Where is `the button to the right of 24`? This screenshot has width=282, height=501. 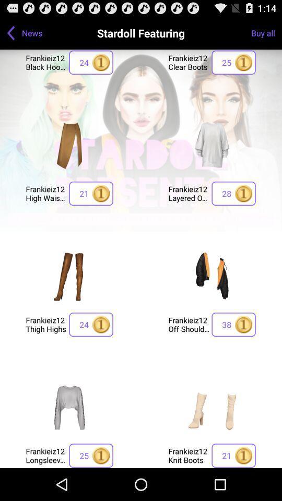 the button to the right of 24 is located at coordinates (188, 324).